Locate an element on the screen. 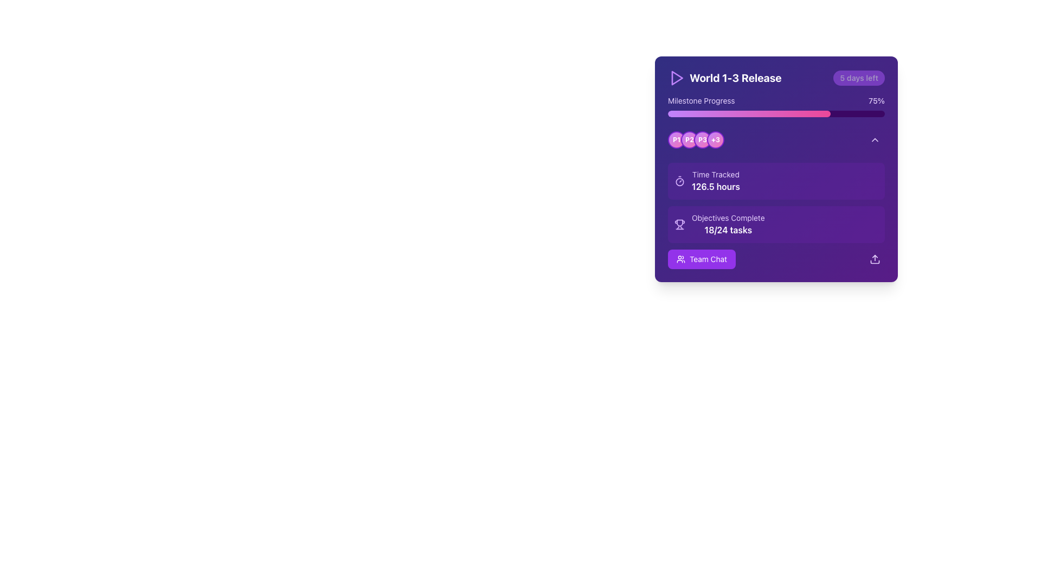 This screenshot has height=586, width=1041. the chevron icon button located at the upper section of the card-like widget is located at coordinates (875, 139).